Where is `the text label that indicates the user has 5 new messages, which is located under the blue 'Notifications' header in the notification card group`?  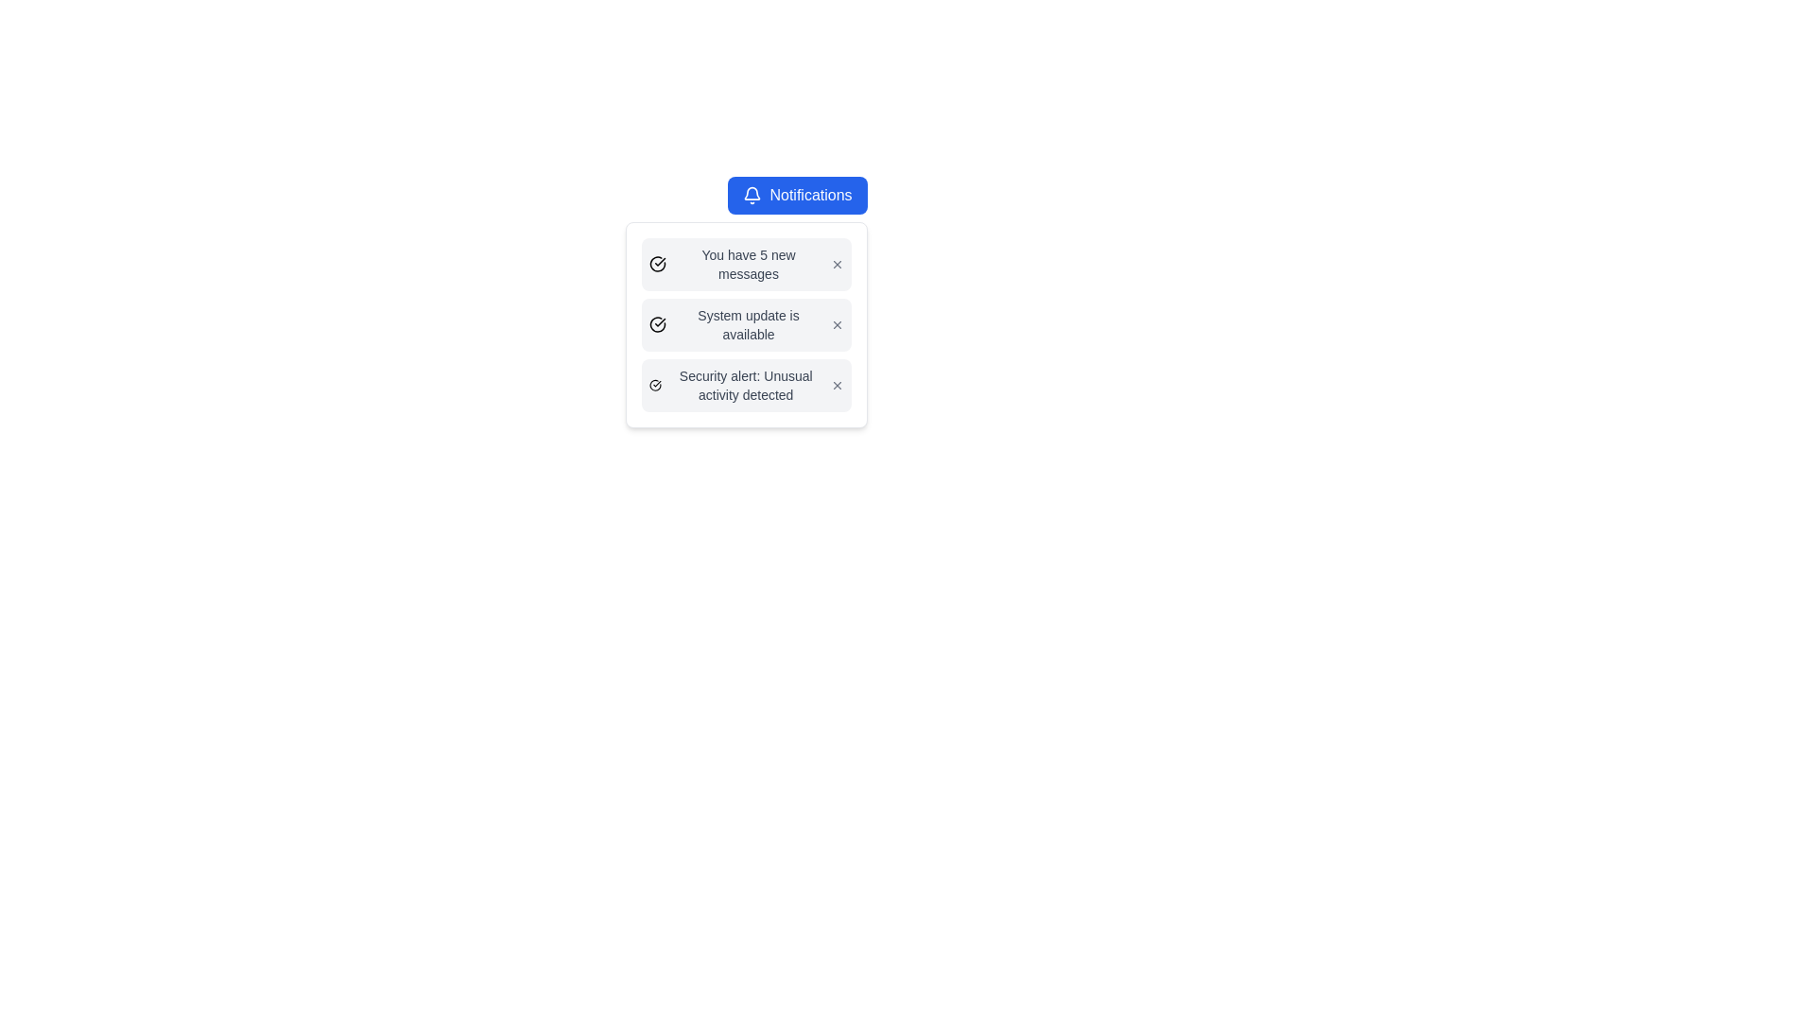 the text label that indicates the user has 5 new messages, which is located under the blue 'Notifications' header in the notification card group is located at coordinates (748, 265).